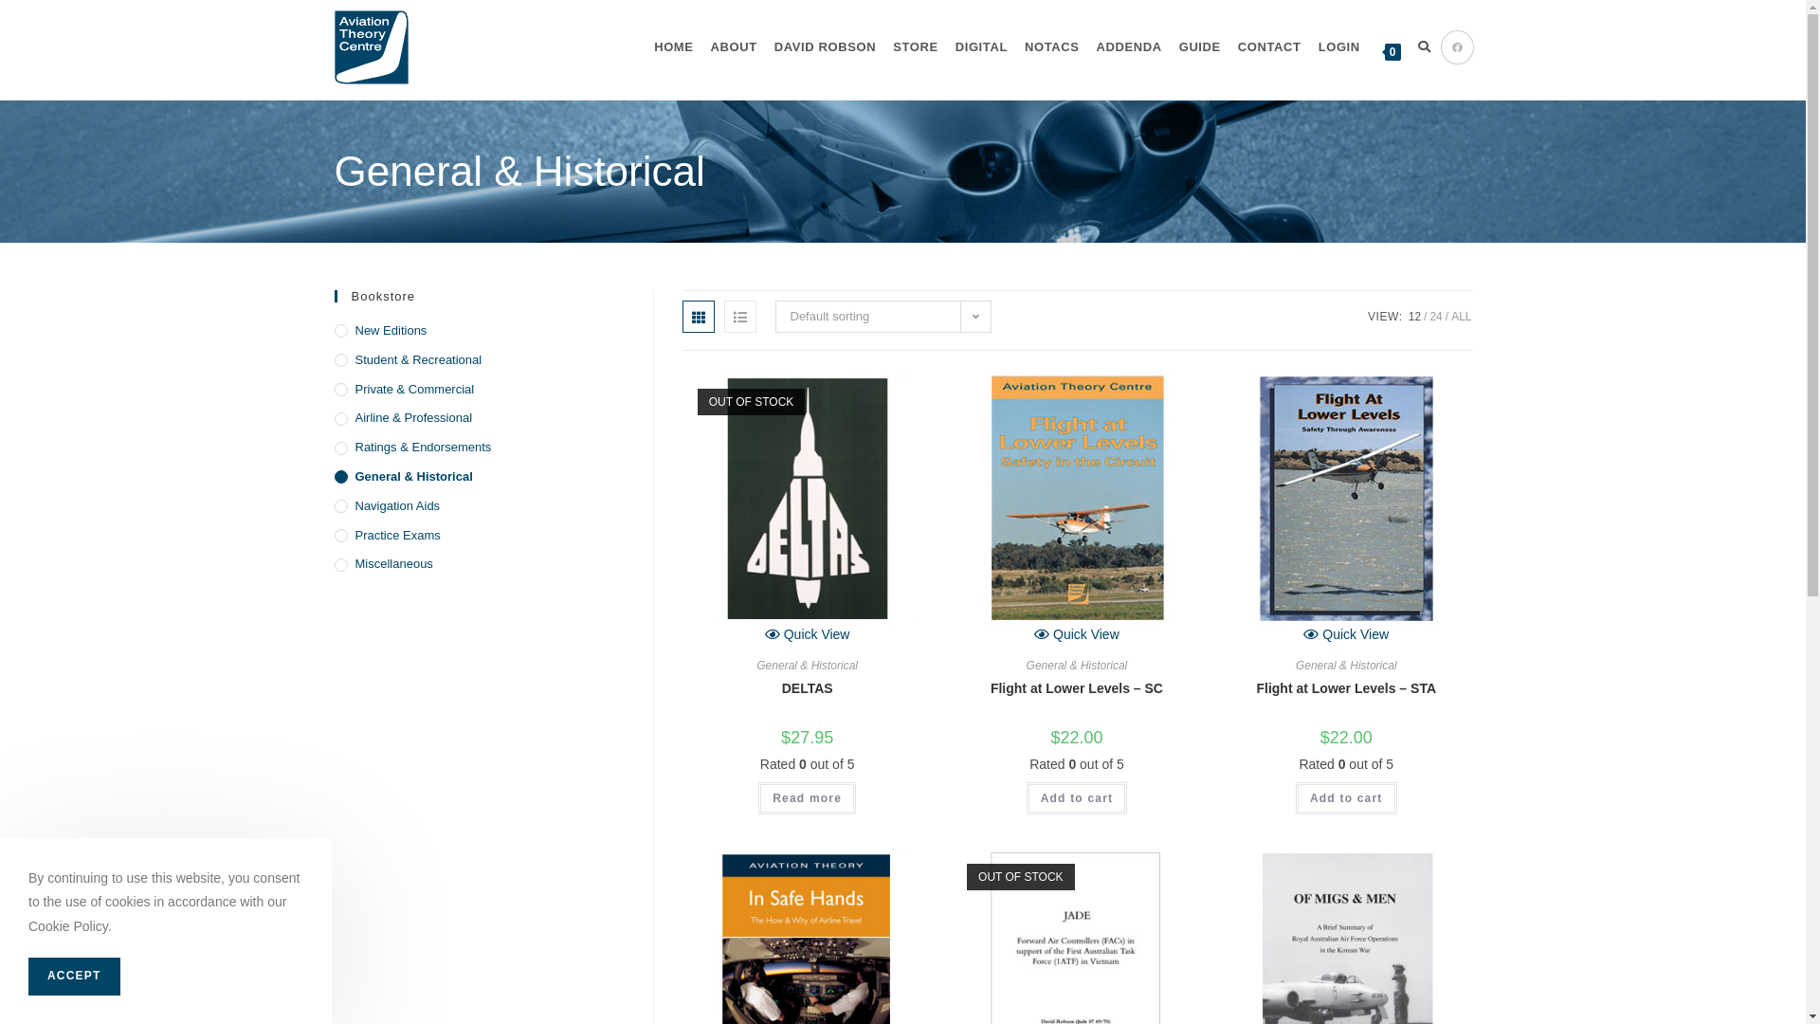  What do you see at coordinates (1369, 48) in the screenshot?
I see `'0'` at bounding box center [1369, 48].